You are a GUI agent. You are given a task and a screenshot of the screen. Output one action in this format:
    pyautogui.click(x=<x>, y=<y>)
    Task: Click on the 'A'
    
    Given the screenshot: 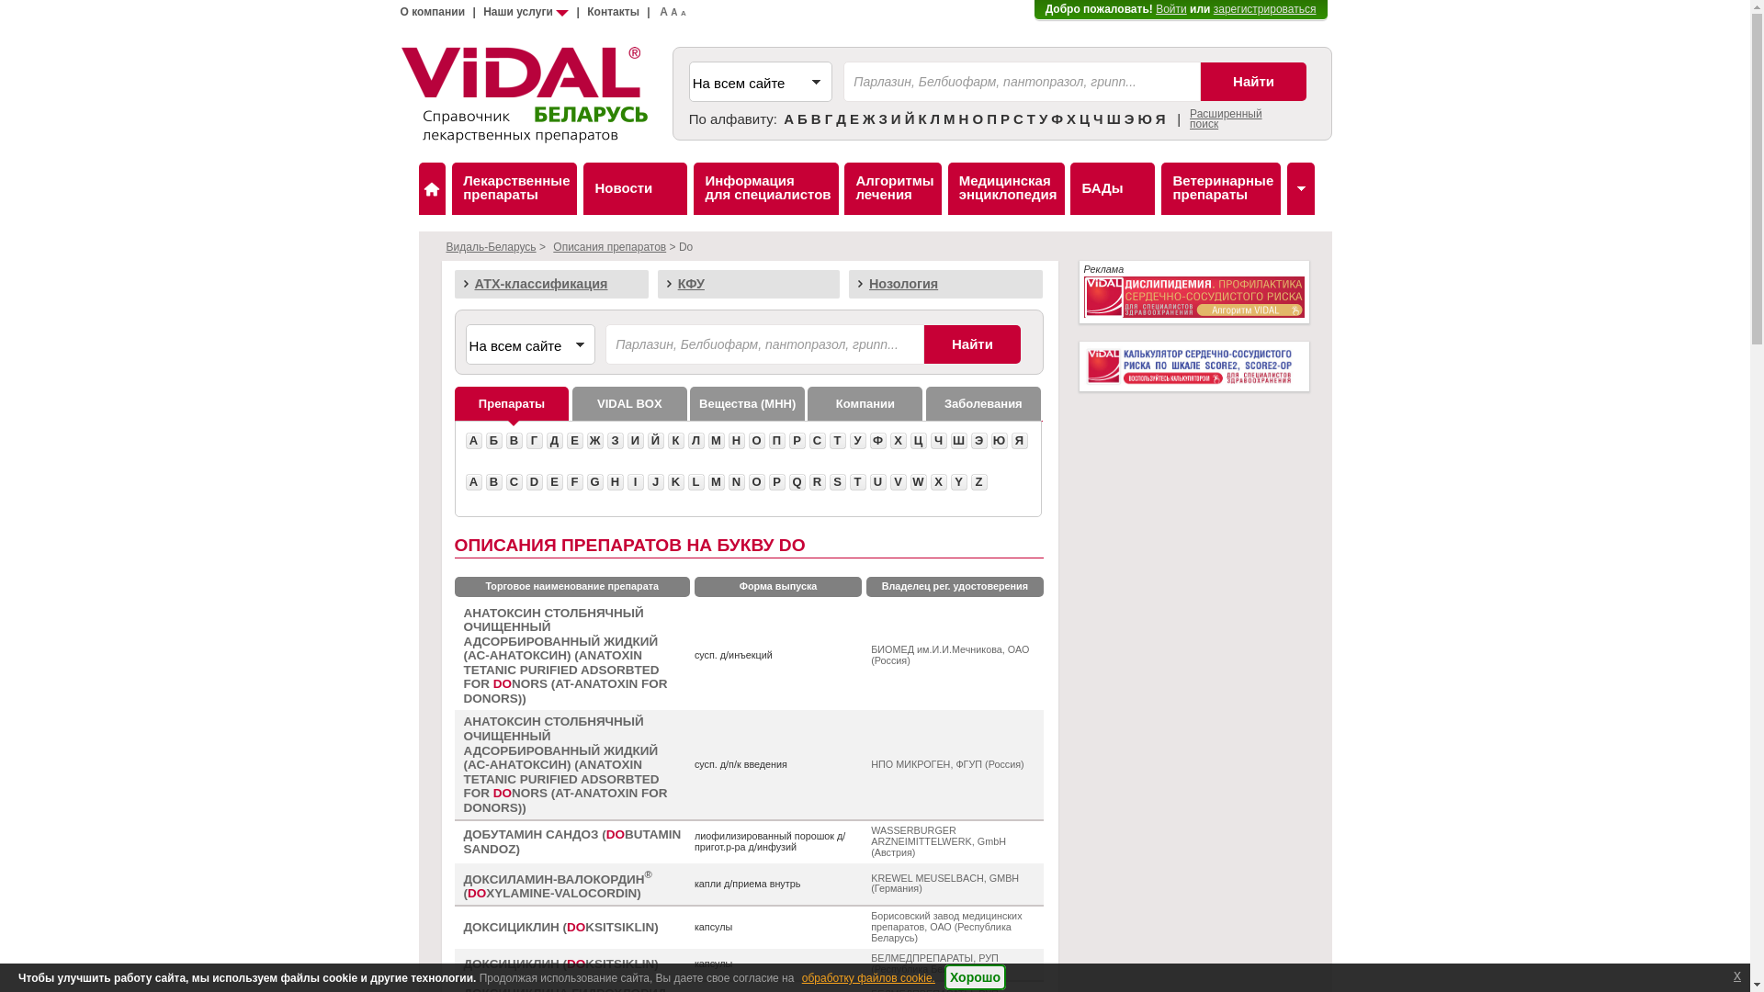 What is the action you would take?
    pyautogui.click(x=662, y=11)
    